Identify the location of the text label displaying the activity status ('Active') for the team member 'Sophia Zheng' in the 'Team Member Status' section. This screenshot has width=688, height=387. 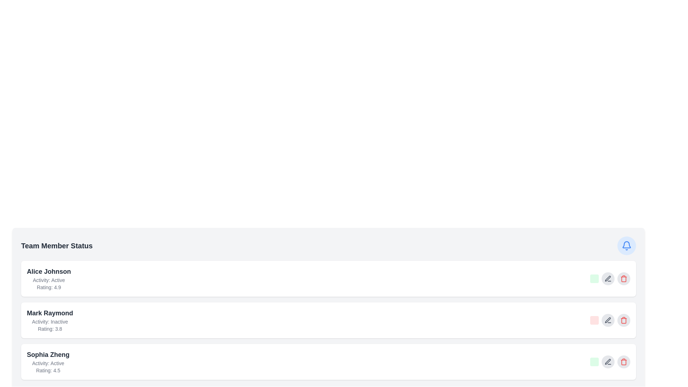
(48, 363).